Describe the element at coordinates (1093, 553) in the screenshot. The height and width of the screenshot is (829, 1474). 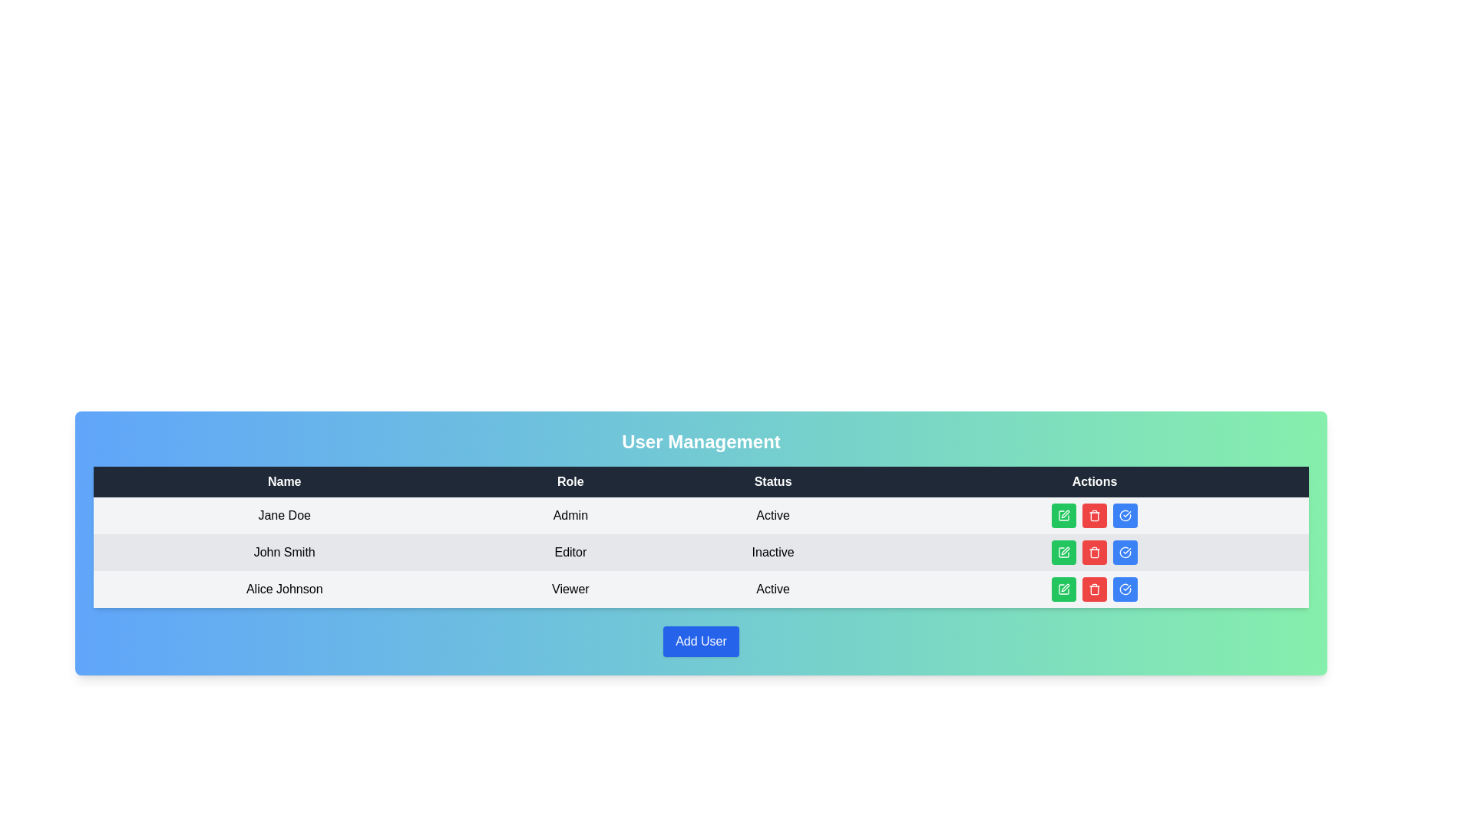
I see `the red trash can icon within the delete button in the actions column for the user 'John Smith'` at that location.